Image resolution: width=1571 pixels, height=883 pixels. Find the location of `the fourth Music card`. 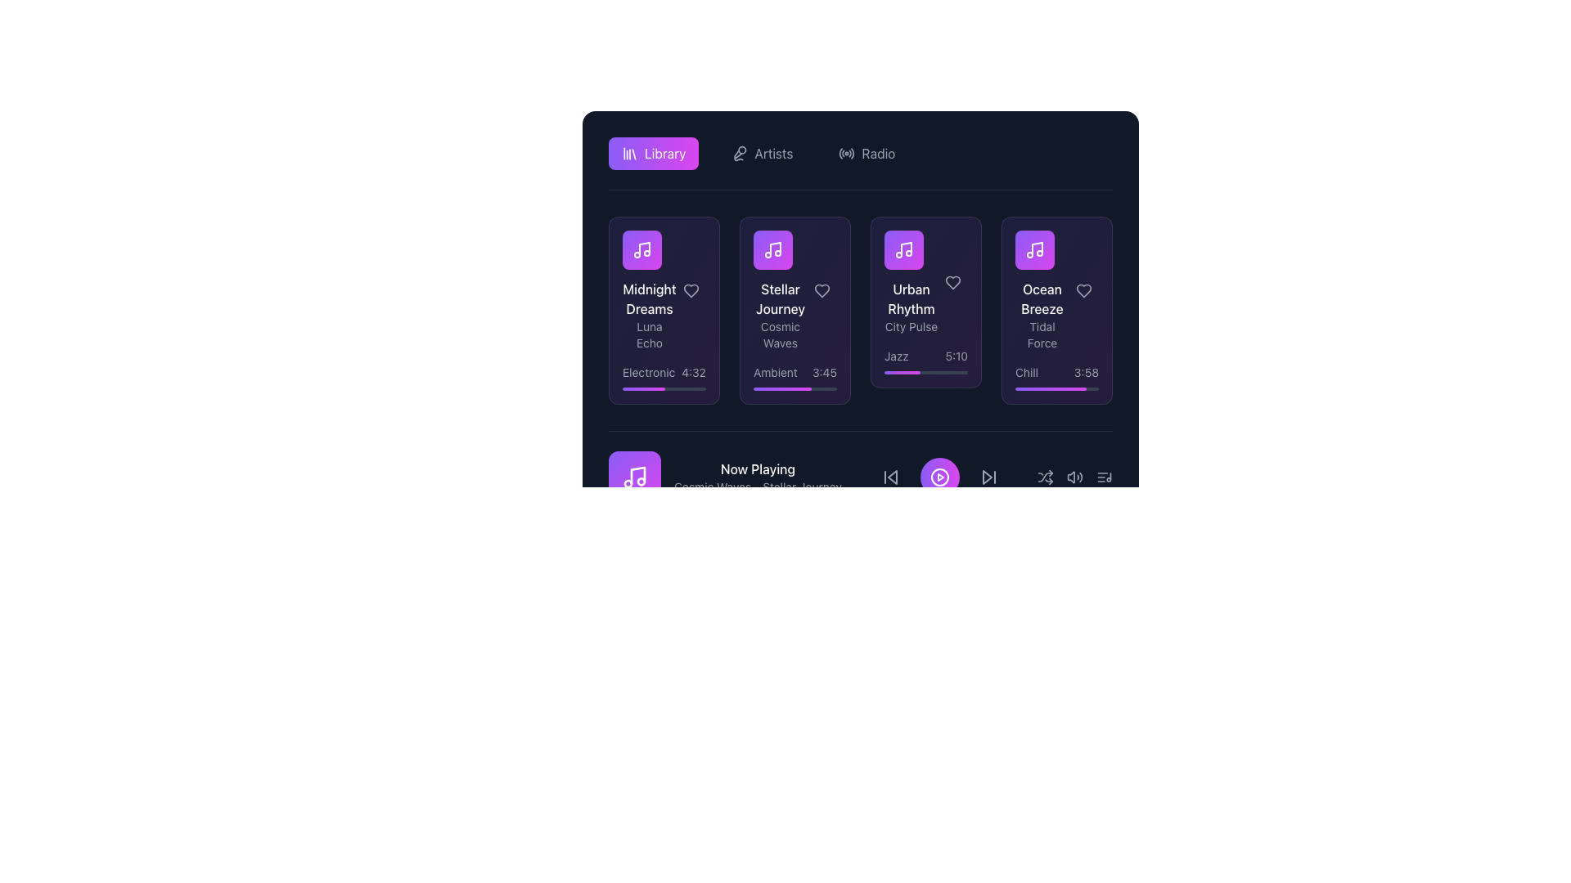

the fourth Music card is located at coordinates (1056, 311).